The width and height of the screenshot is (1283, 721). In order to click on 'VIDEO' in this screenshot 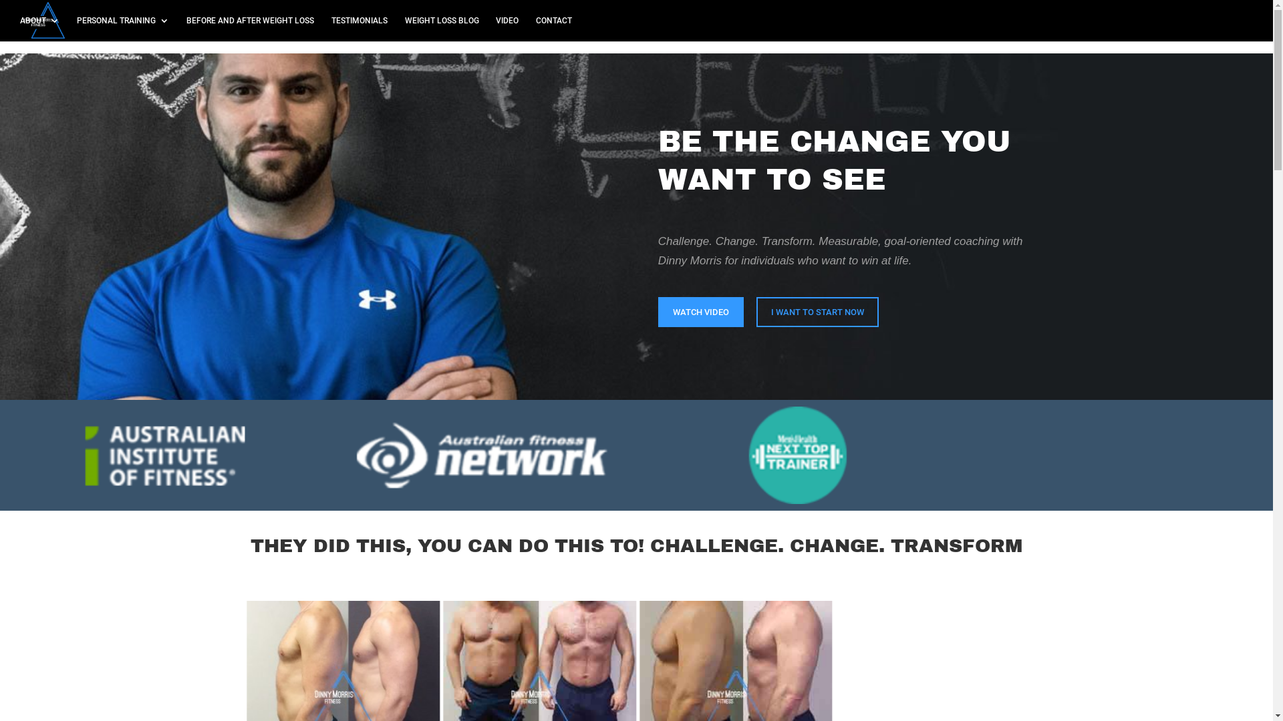, I will do `click(495, 28)`.